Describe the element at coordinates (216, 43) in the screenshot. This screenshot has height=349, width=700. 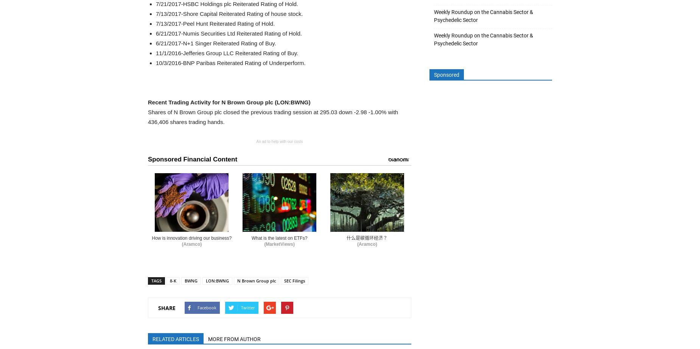
I see `'6/21/2017-N+1 Singer Reiterated Rating of Buy.'` at that location.